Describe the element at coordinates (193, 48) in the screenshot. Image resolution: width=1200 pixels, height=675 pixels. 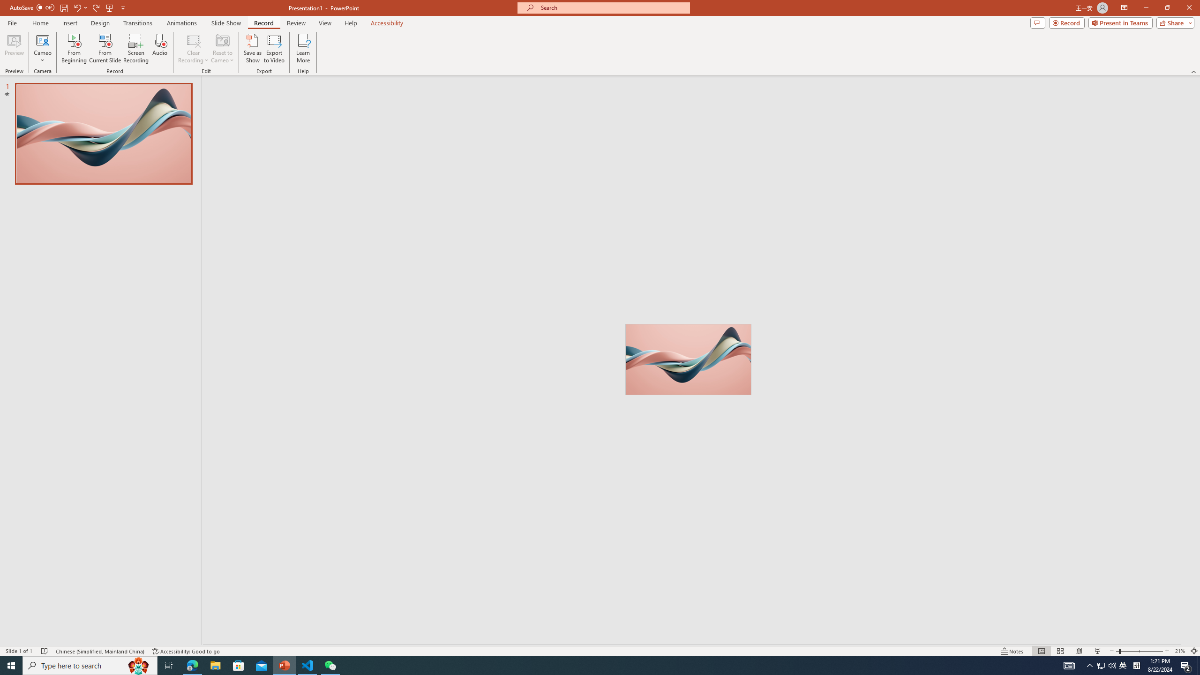
I see `'Clear Recording'` at that location.